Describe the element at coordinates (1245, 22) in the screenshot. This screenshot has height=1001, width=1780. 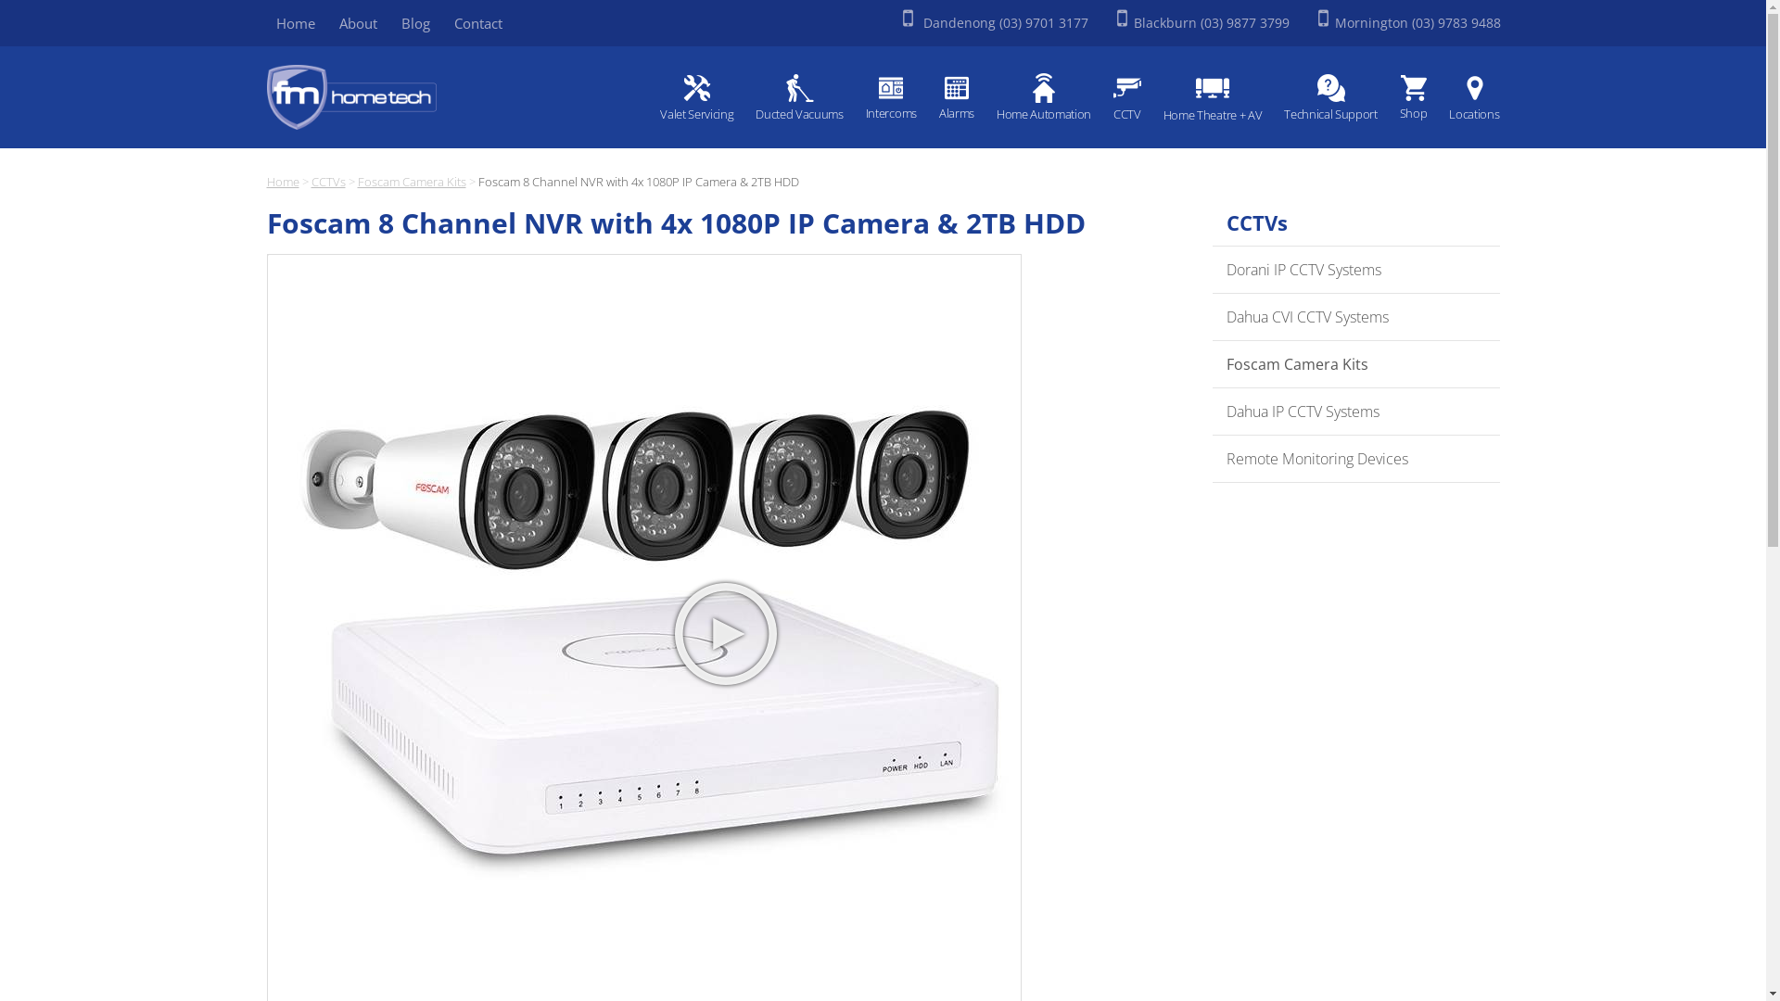
I see `'(03) 9877 3799'` at that location.